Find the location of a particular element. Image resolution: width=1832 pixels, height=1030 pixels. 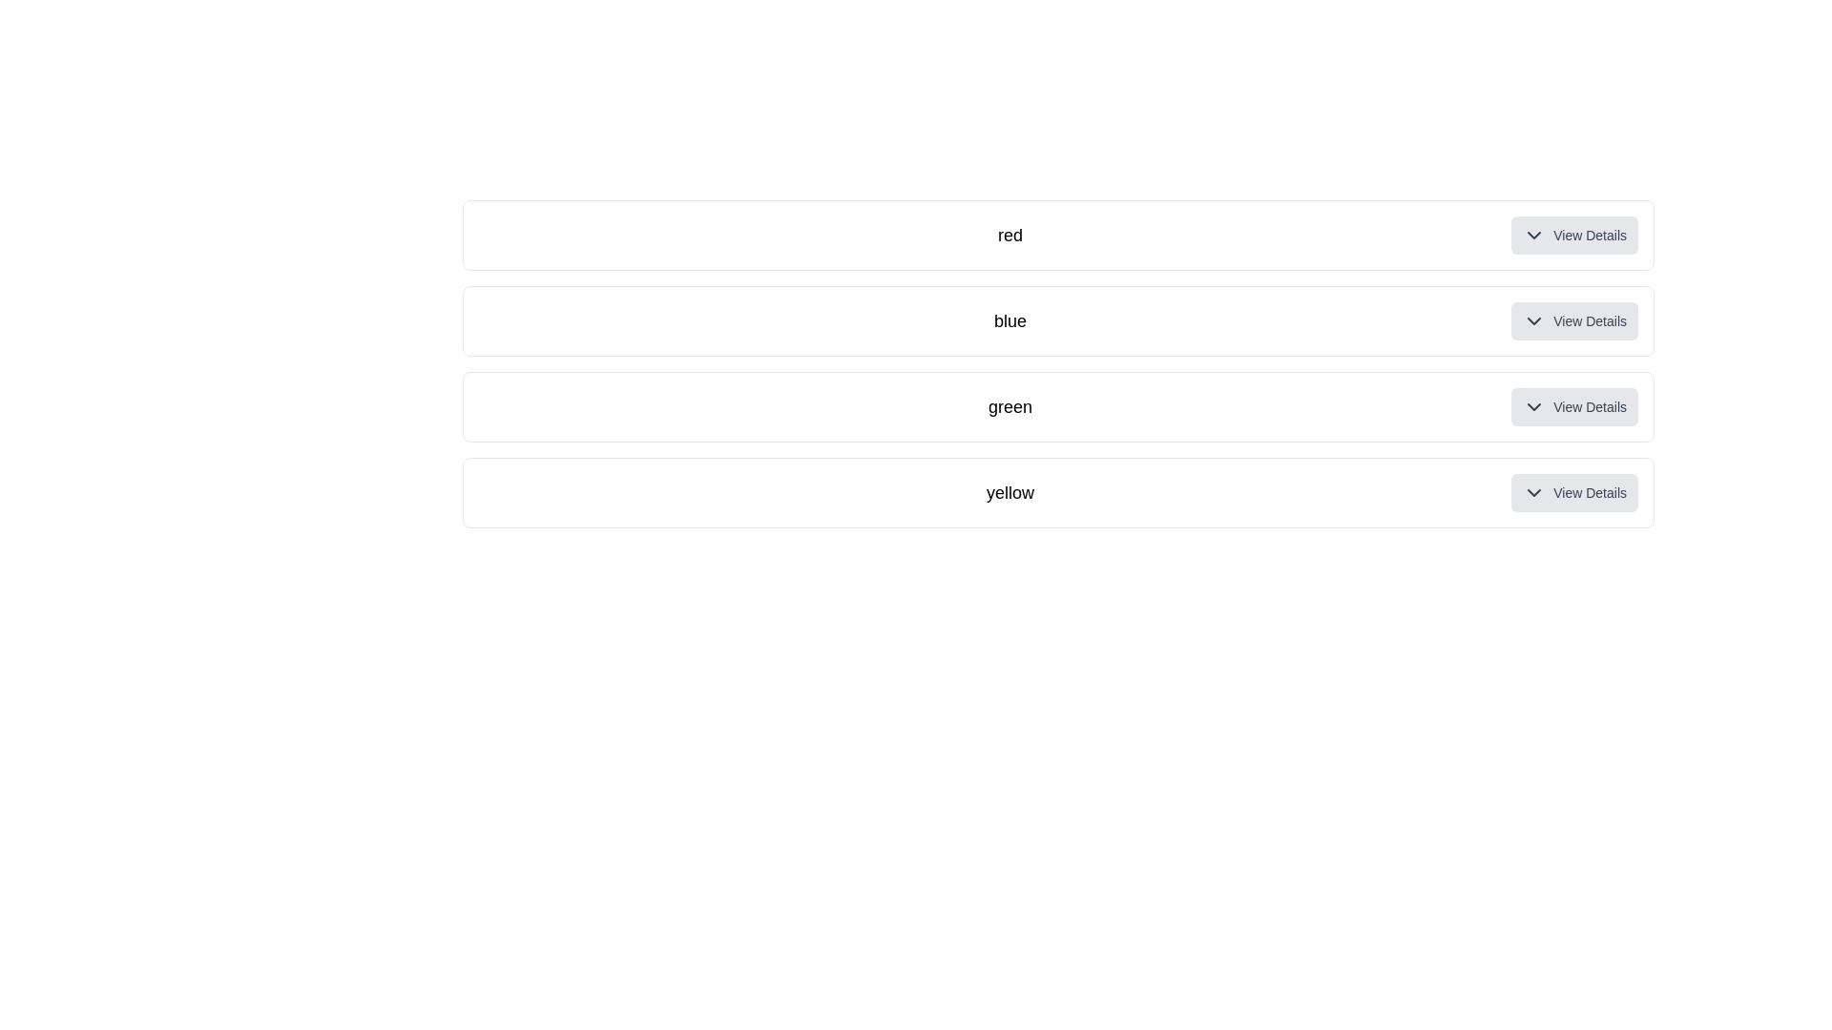

the icon located to the left of the 'View Details' button in the fourth row of the list is located at coordinates (1534, 491).